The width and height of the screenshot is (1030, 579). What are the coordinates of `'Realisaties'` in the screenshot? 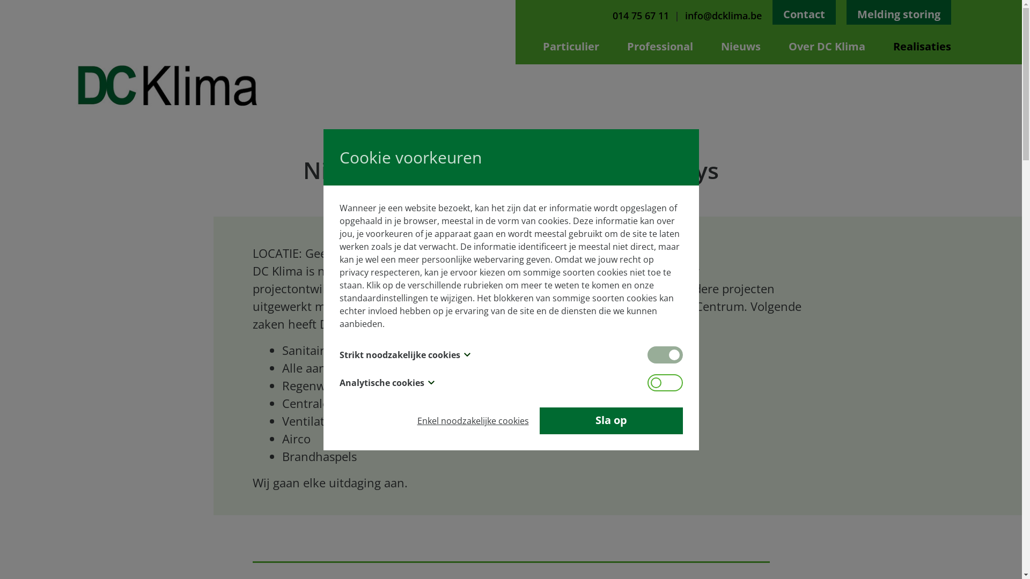 It's located at (893, 46).